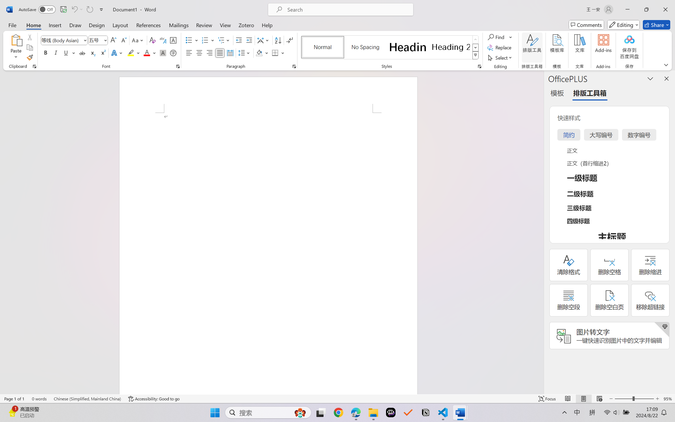  What do you see at coordinates (87, 399) in the screenshot?
I see `'Language Chinese (Simplified, Mainland China)'` at bounding box center [87, 399].